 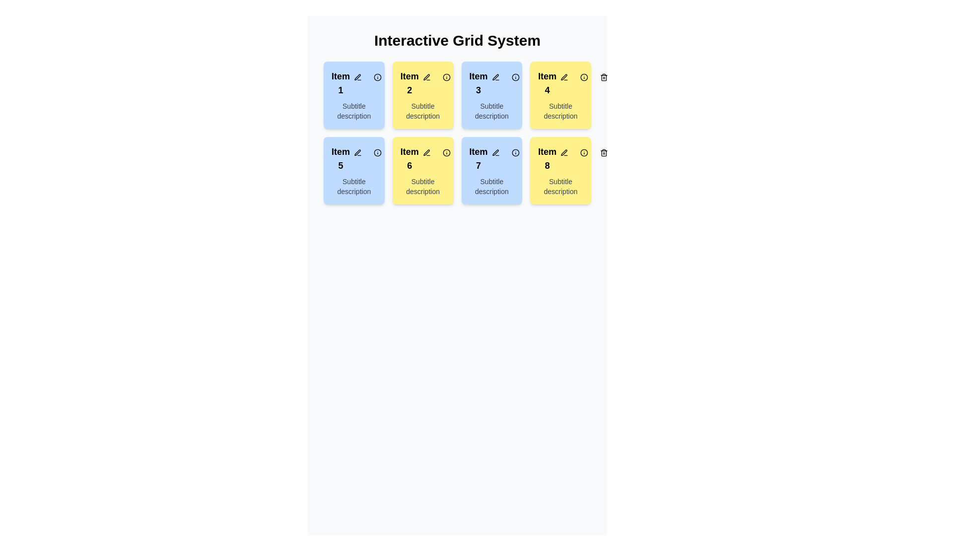 What do you see at coordinates (377, 153) in the screenshot?
I see `the informational icon located in the top-right corner of the fifth item in the grid` at bounding box center [377, 153].